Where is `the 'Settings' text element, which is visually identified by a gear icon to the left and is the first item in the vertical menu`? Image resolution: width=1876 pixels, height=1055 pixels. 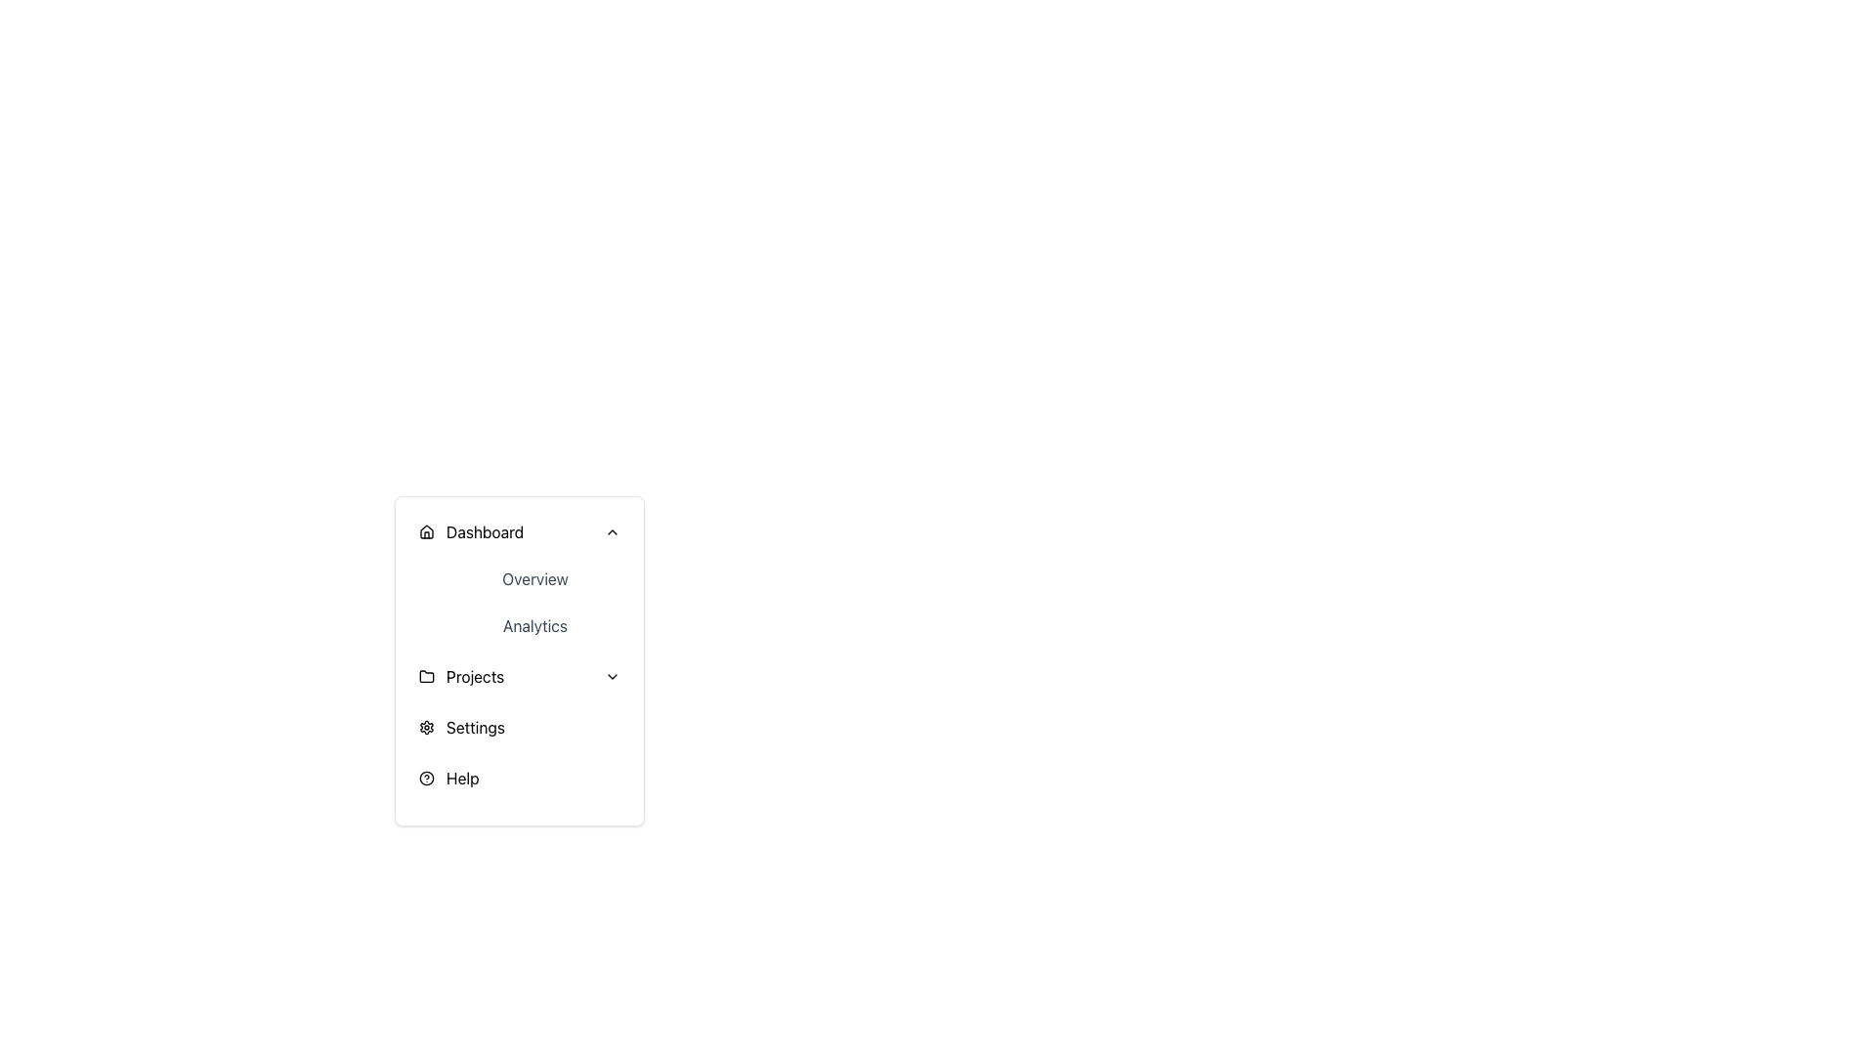
the 'Settings' text element, which is visually identified by a gear icon to the left and is the first item in the vertical menu is located at coordinates (460, 727).